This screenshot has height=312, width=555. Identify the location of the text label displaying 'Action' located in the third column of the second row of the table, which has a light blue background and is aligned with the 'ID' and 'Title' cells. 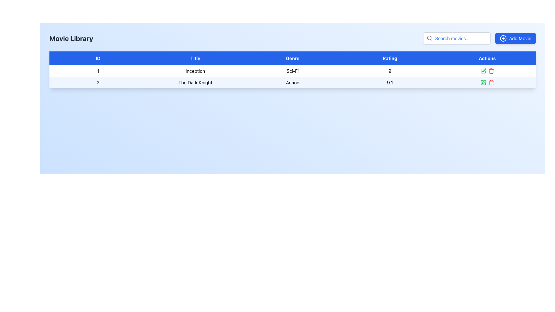
(293, 82).